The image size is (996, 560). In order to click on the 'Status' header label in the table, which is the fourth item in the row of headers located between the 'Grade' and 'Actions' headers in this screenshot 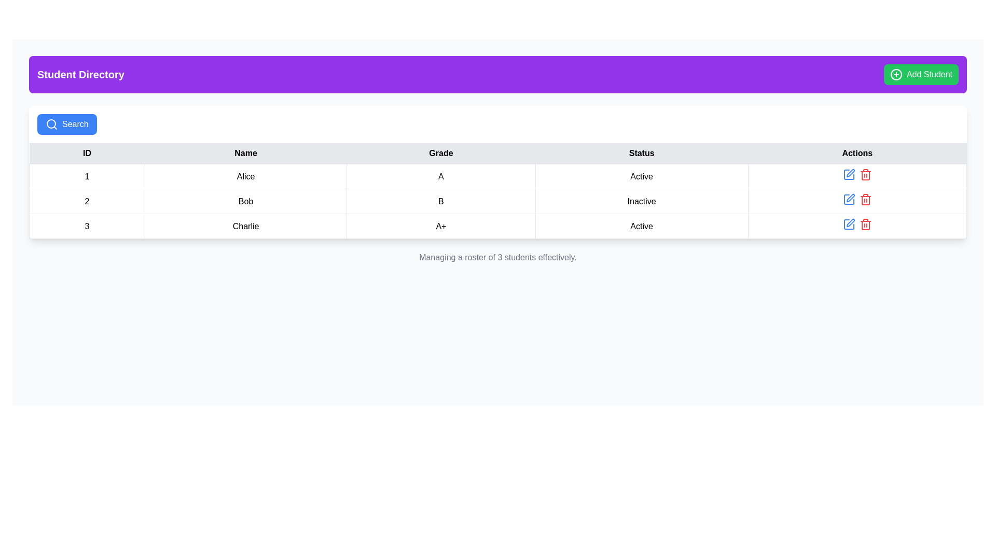, I will do `click(641, 153)`.